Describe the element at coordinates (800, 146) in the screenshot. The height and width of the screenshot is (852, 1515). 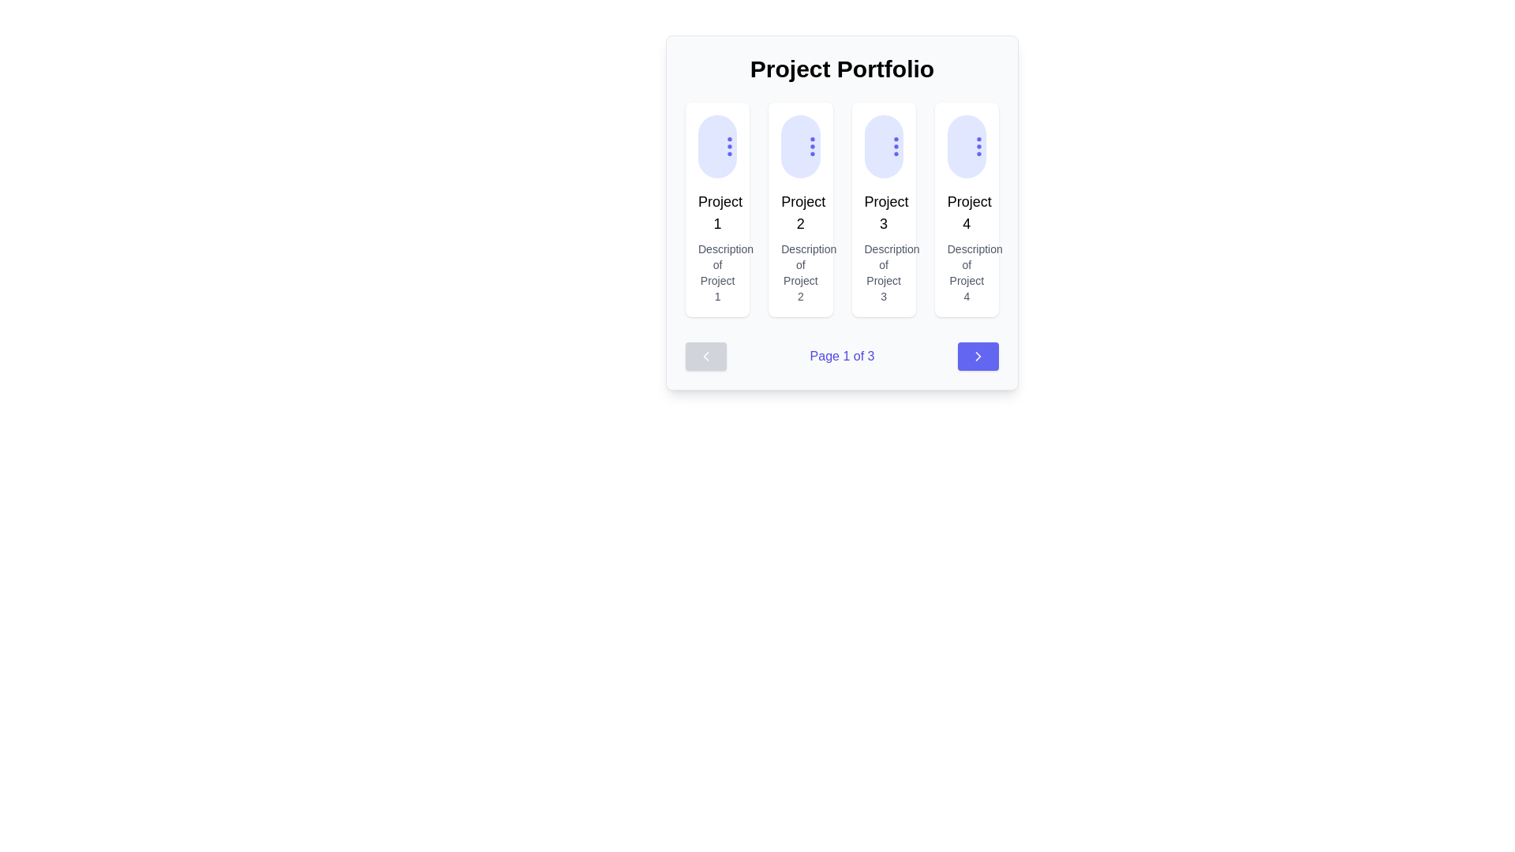
I see `the visual decoration that represents the second project in the portfolio, located at the top of the second project card and centered above 'Project 2'` at that location.